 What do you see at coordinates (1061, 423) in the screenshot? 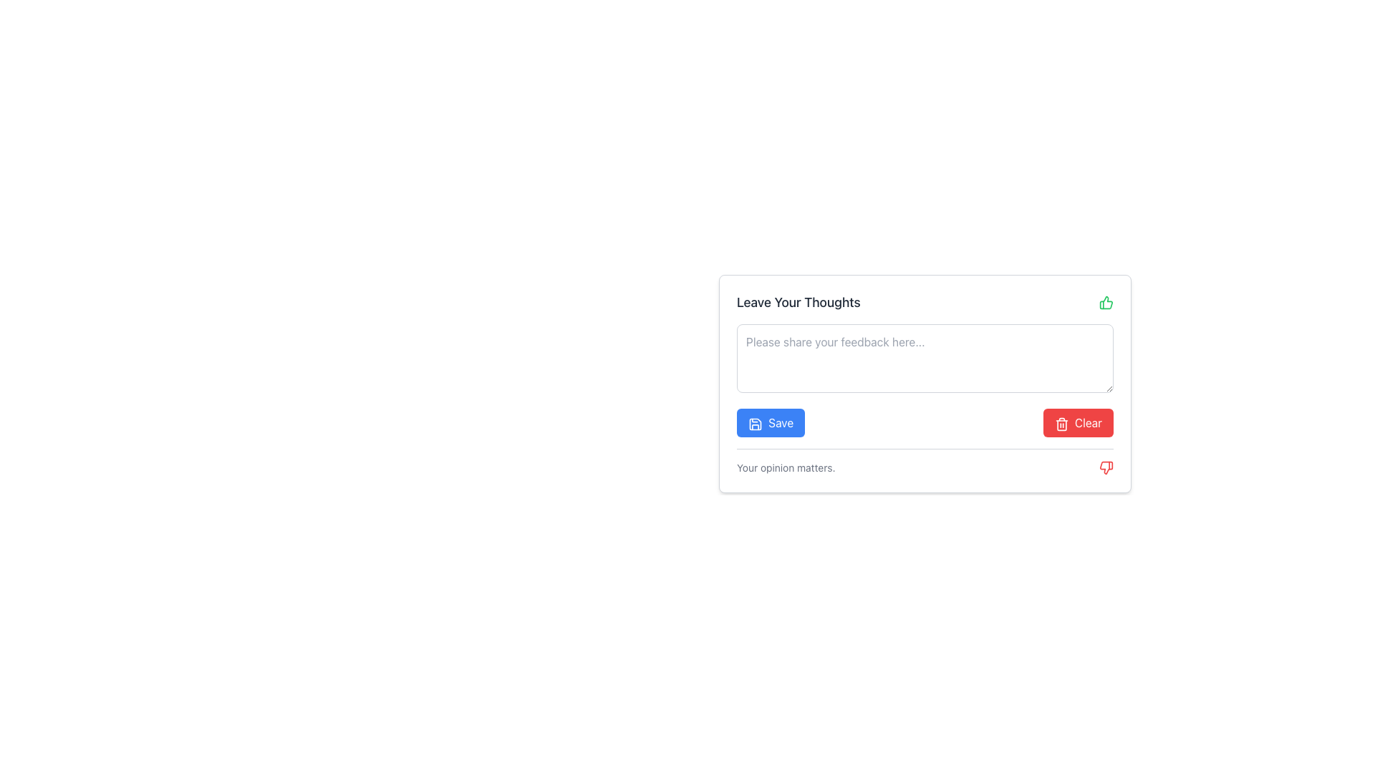
I see `the Clear button icon, which is located towards the left side of the button preceding the text 'Clear'` at bounding box center [1061, 423].